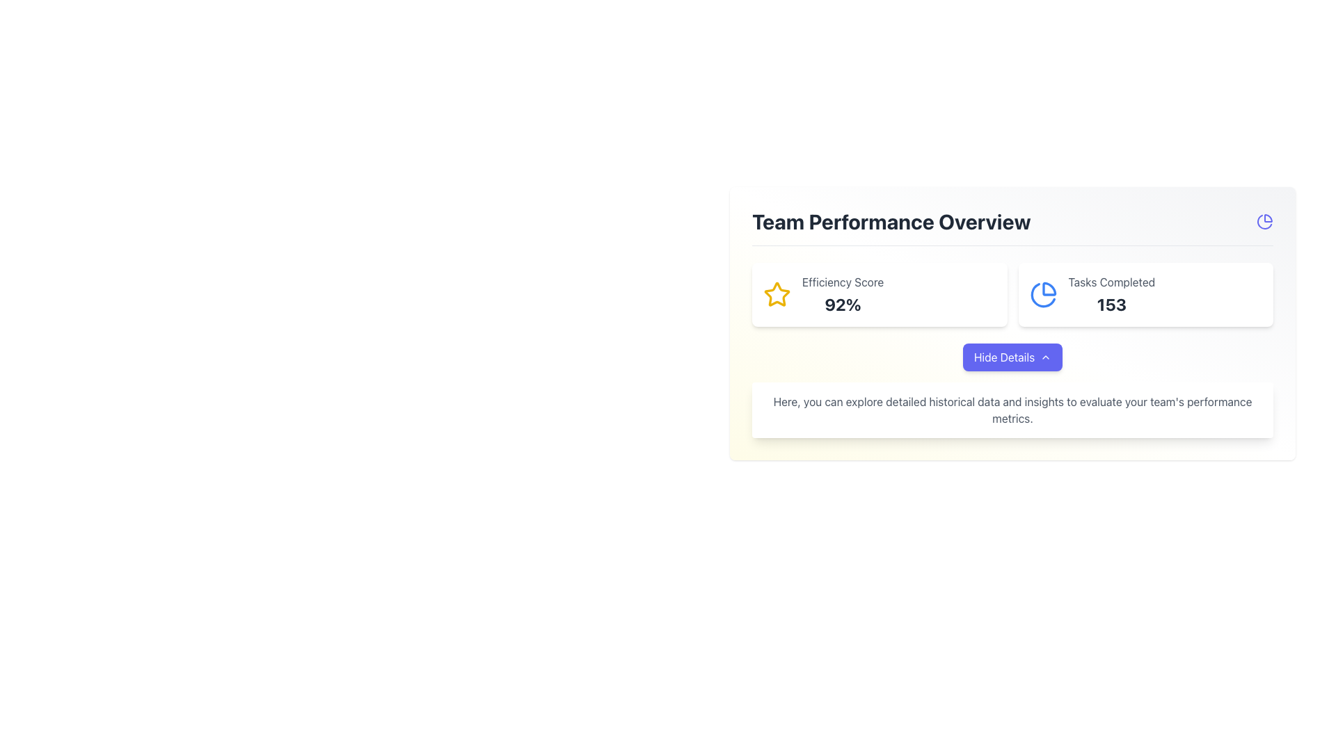 The image size is (1336, 751). What do you see at coordinates (1012, 356) in the screenshot?
I see `the button that toggles the visibility of the details or insights panel, located slightly above the textual description panel` at bounding box center [1012, 356].